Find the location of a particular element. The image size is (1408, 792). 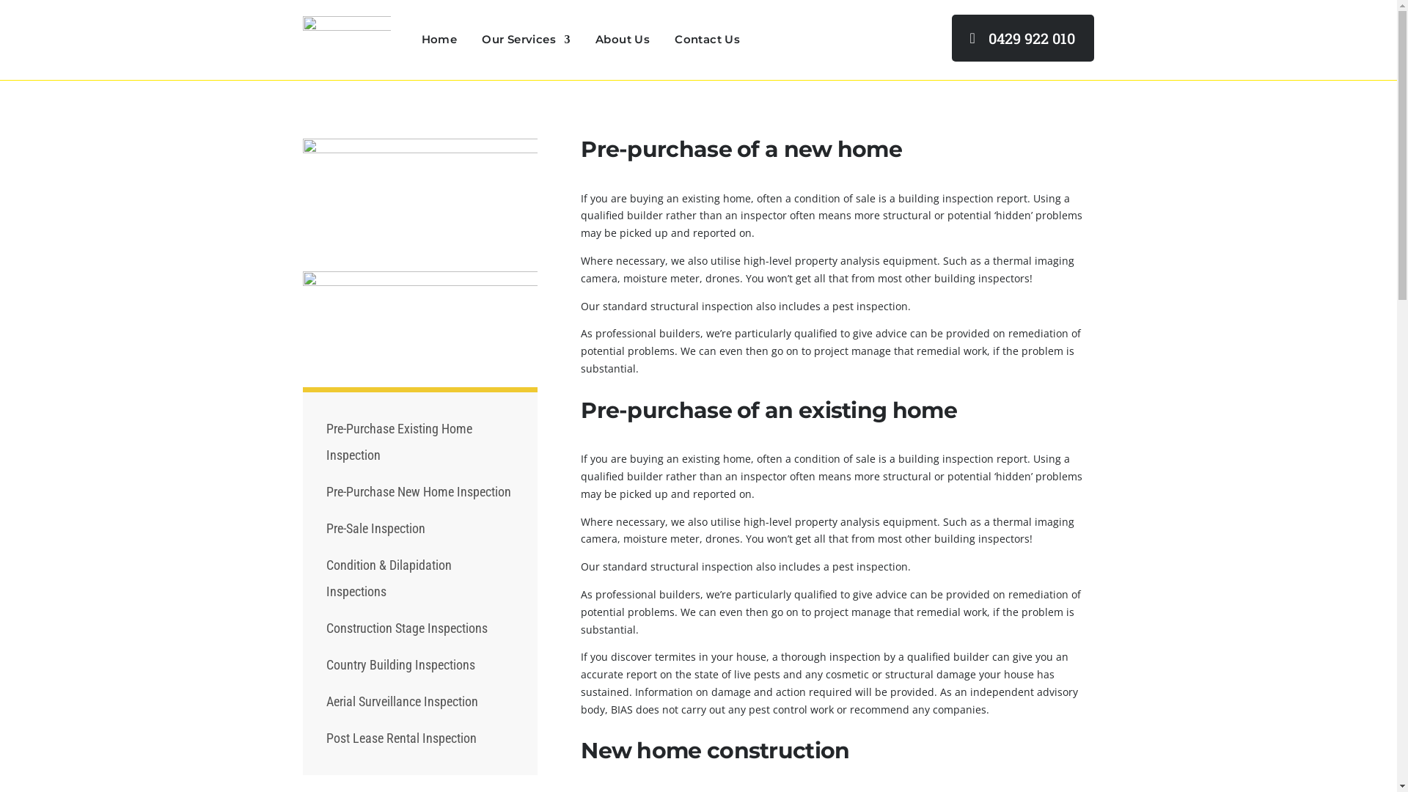

'Aerial Surveillance Inspection' is located at coordinates (402, 700).